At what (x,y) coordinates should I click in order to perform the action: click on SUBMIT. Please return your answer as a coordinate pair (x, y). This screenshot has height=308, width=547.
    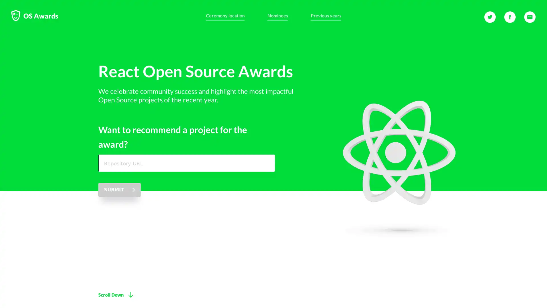
    Looking at the image, I should click on (119, 204).